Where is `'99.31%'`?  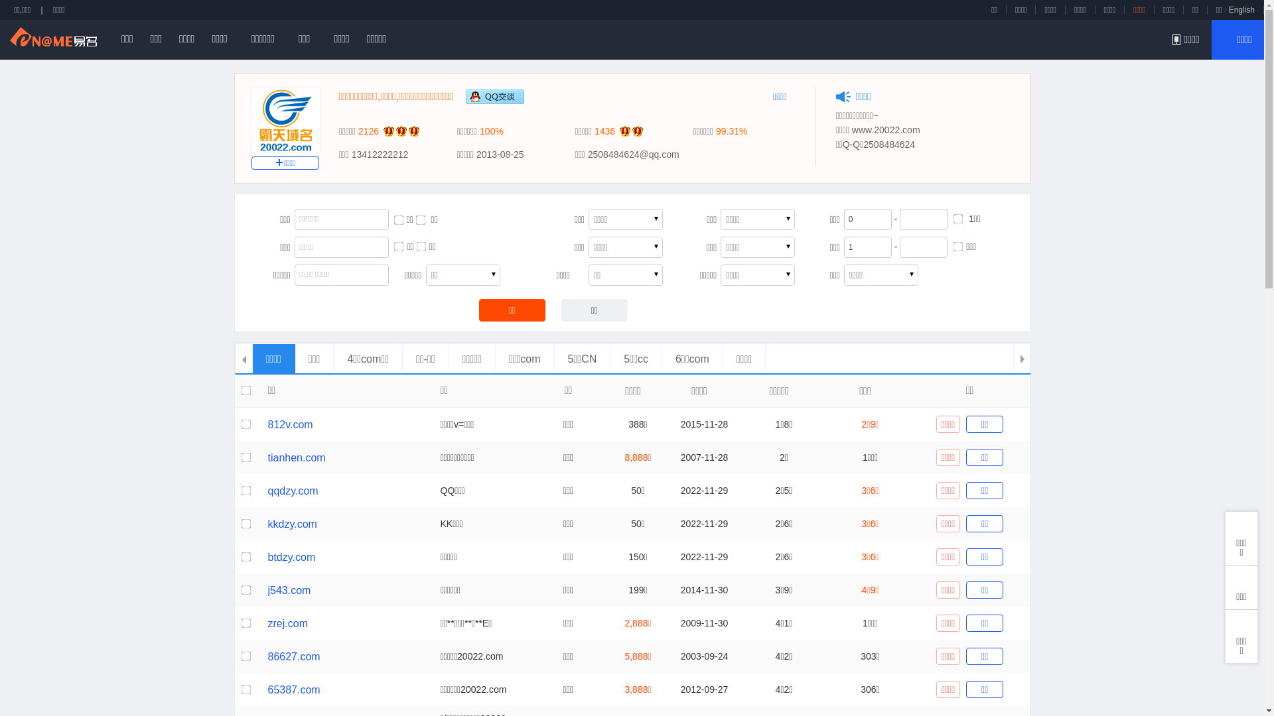
'99.31%' is located at coordinates (731, 131).